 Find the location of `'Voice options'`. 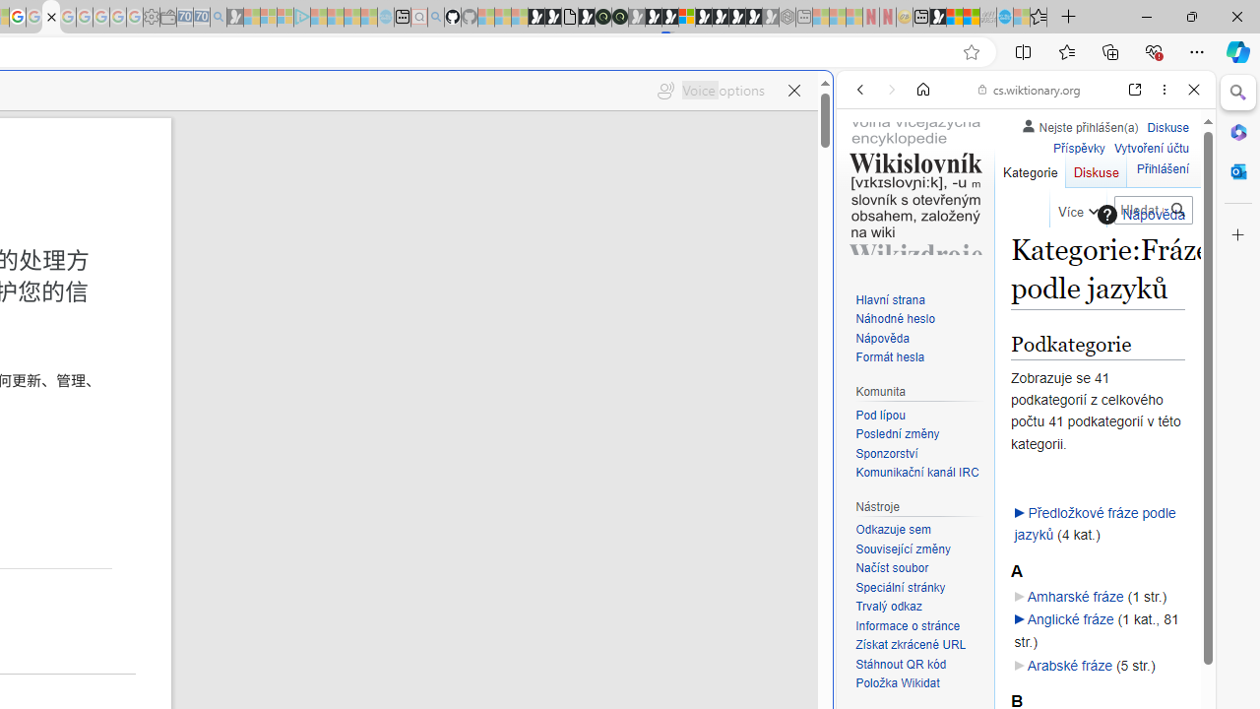

'Voice options' is located at coordinates (709, 91).